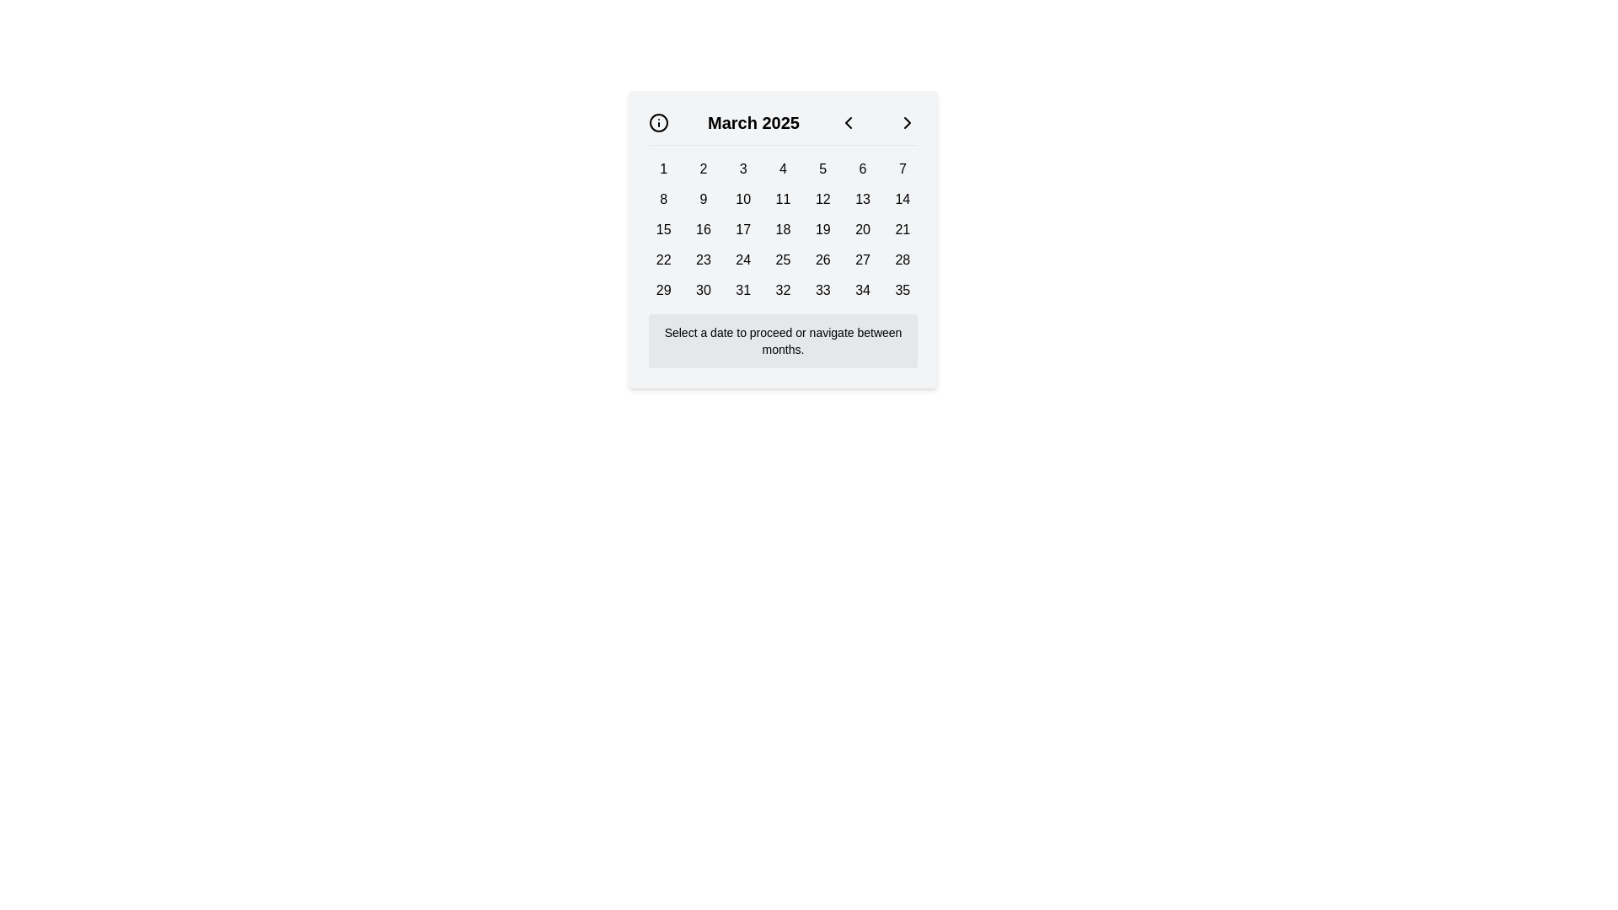 The image size is (1618, 910). What do you see at coordinates (782, 239) in the screenshot?
I see `a day in the March 2025 calendar` at bounding box center [782, 239].